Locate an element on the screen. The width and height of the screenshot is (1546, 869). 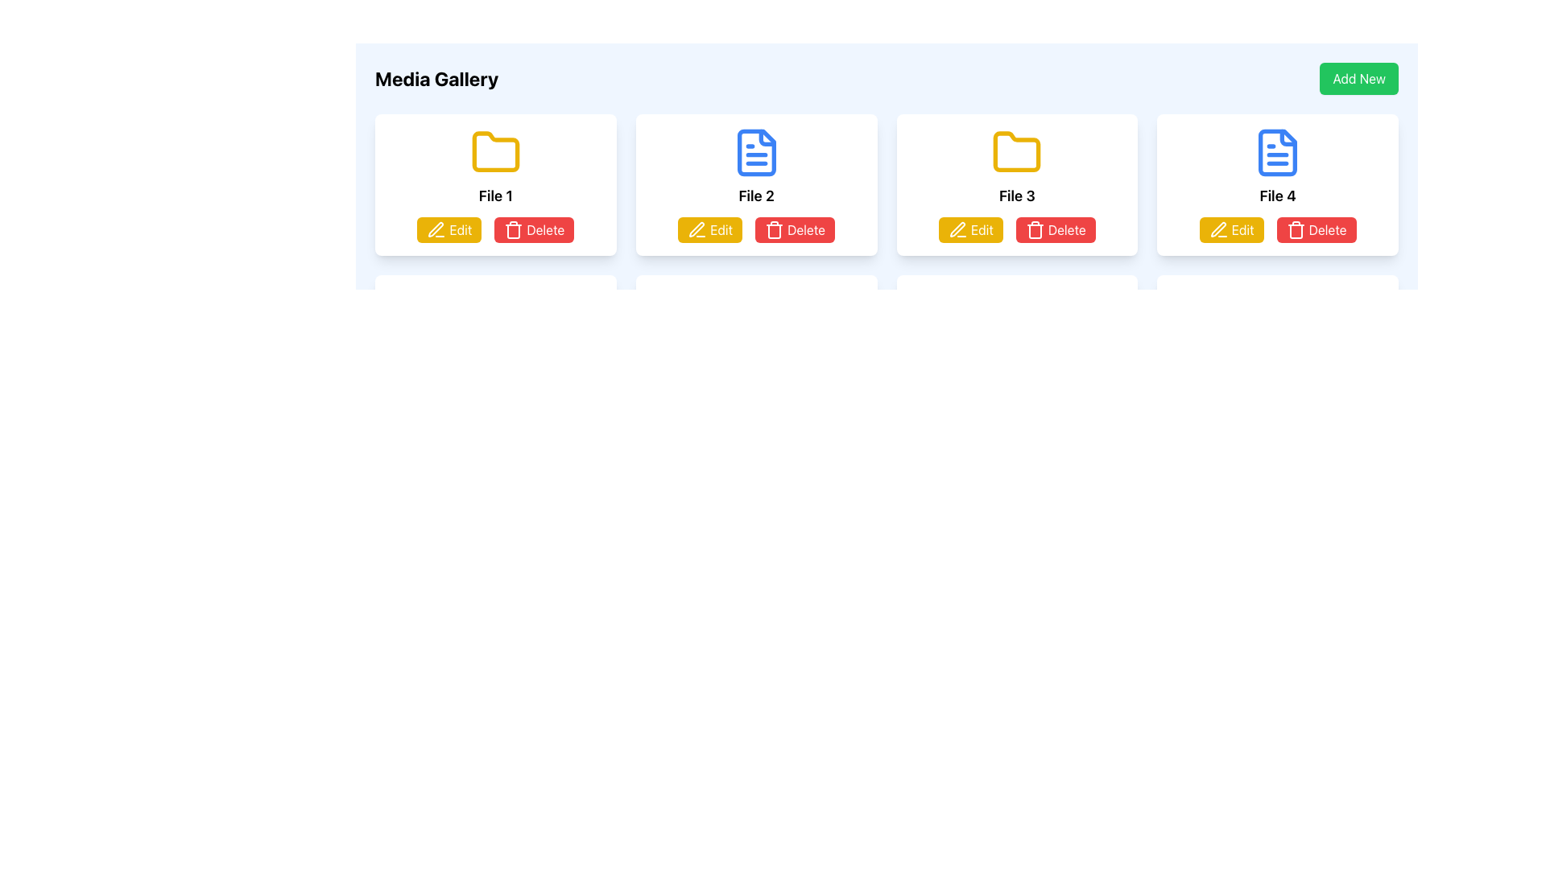
the decorative trash can icon within the delete button of the card labeled 'File 4', located at the bottom right of the card is located at coordinates (1296, 232).